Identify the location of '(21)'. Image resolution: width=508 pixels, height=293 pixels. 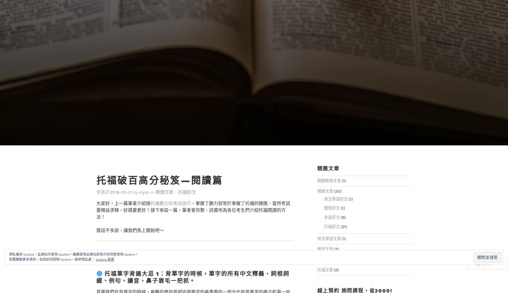
(339, 215).